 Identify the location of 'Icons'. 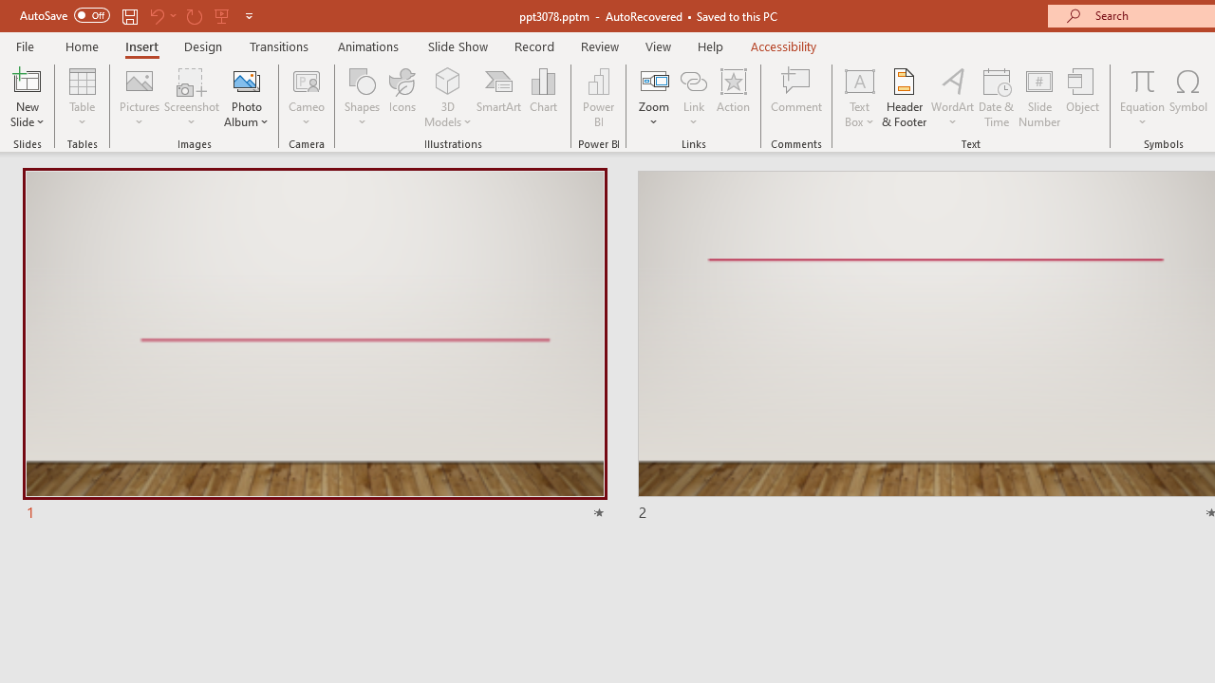
(402, 98).